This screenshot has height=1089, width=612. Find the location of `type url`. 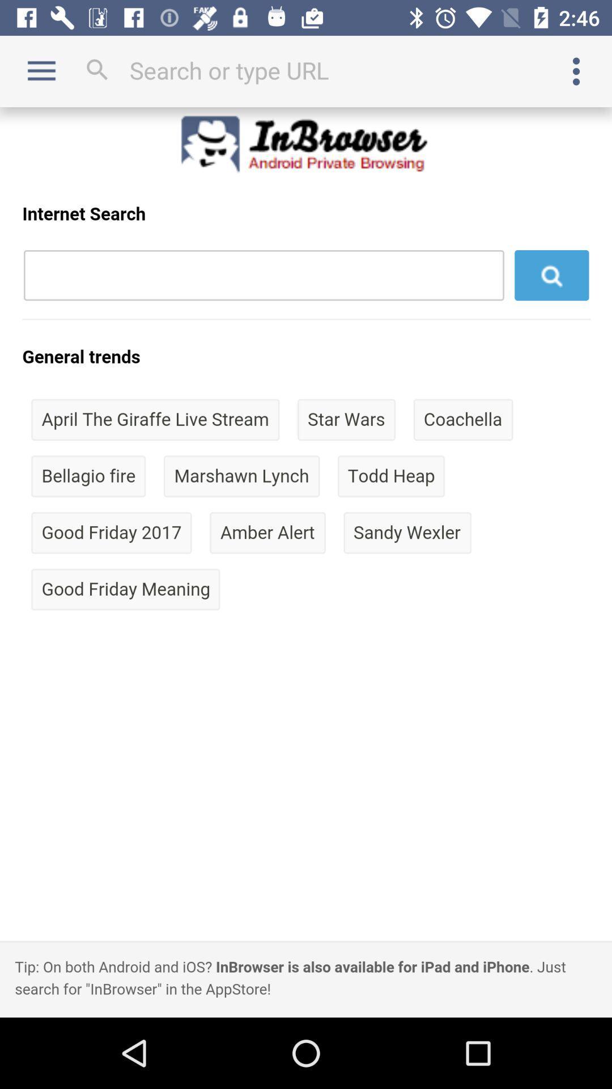

type url is located at coordinates (306, 70).